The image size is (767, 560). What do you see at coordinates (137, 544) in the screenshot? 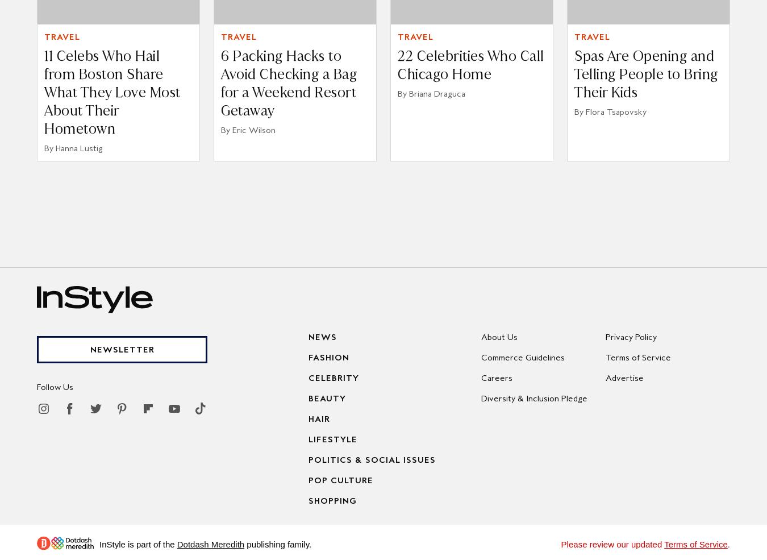
I see `'InStyle is part of the'` at bounding box center [137, 544].